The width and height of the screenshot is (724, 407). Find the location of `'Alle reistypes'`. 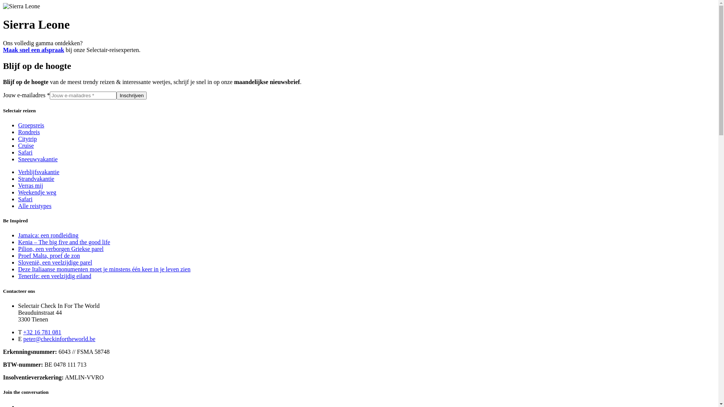

'Alle reistypes' is located at coordinates (34, 206).